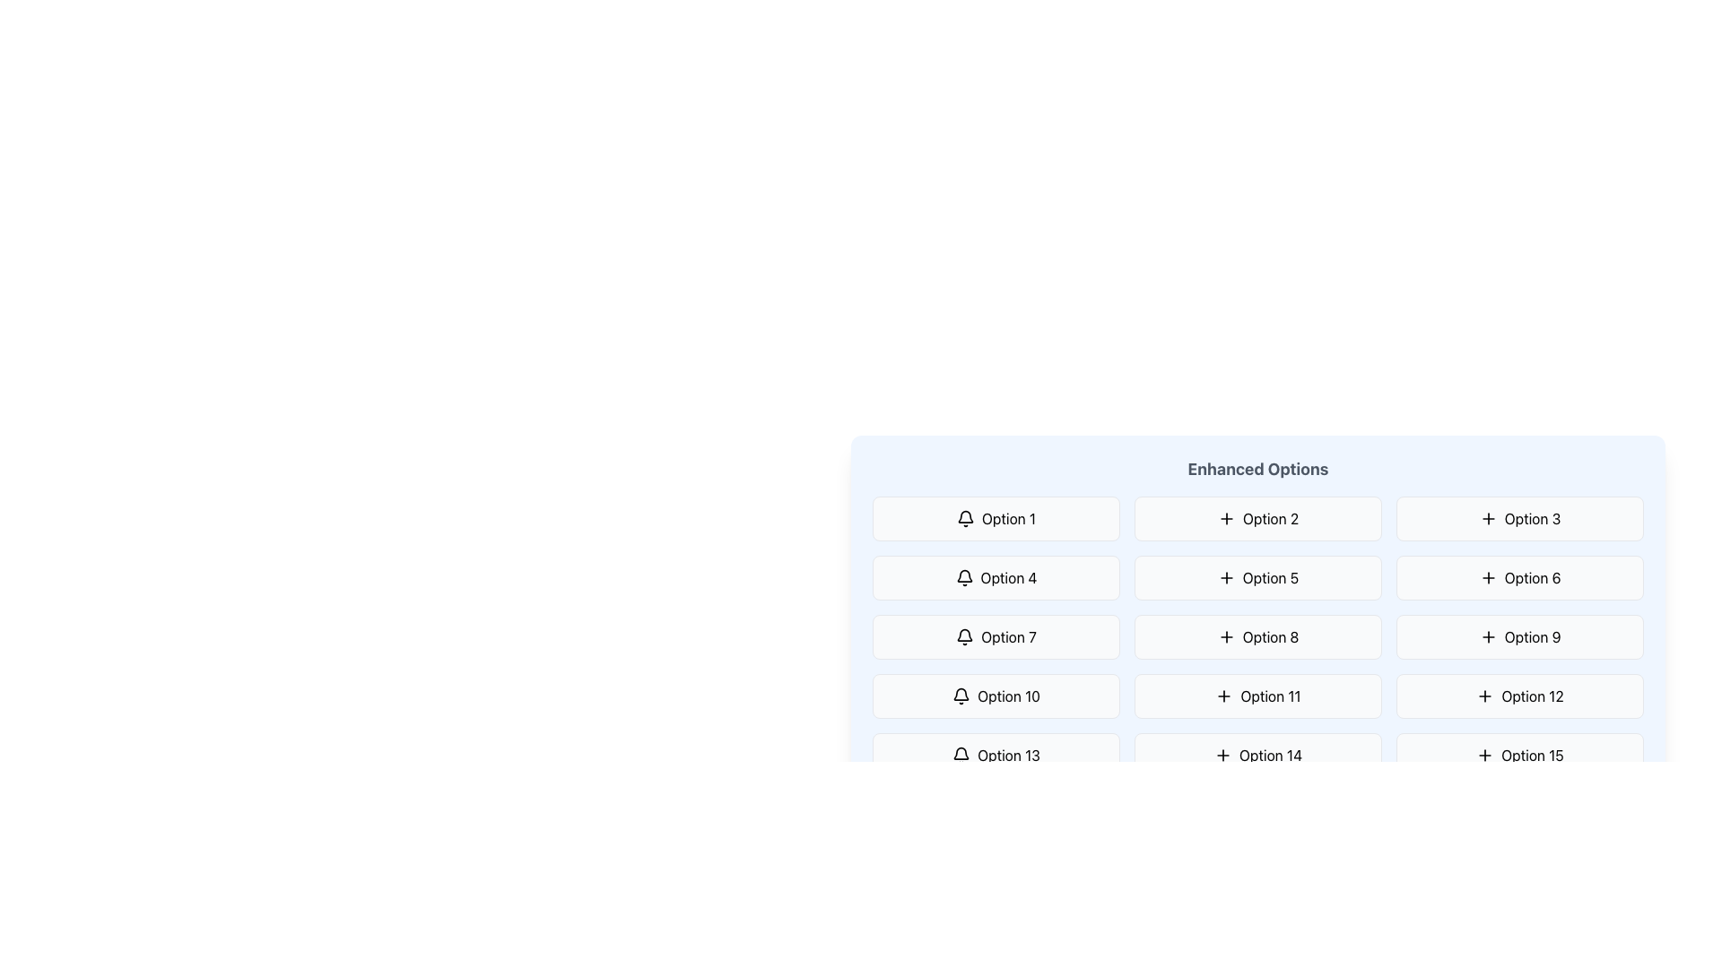 The image size is (1722, 968). What do you see at coordinates (964, 518) in the screenshot?
I see `the outlined bell icon located on the left side of the 'Option 1' button` at bounding box center [964, 518].